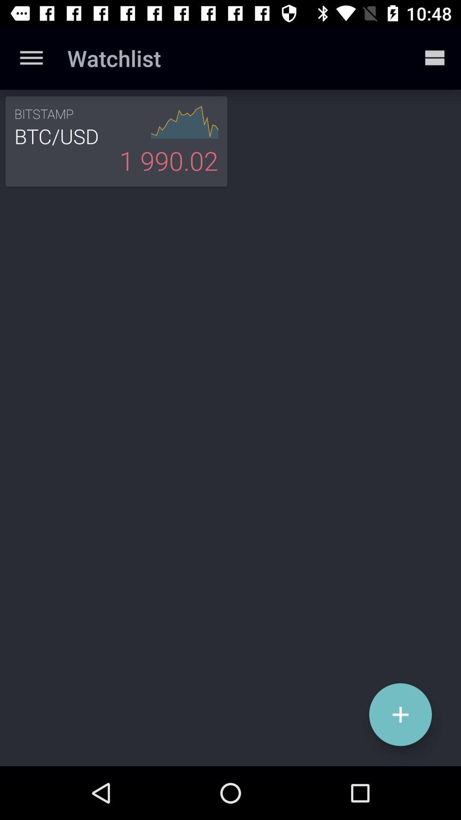 The height and width of the screenshot is (820, 461). What do you see at coordinates (434, 58) in the screenshot?
I see `icon at the top right corner` at bounding box center [434, 58].